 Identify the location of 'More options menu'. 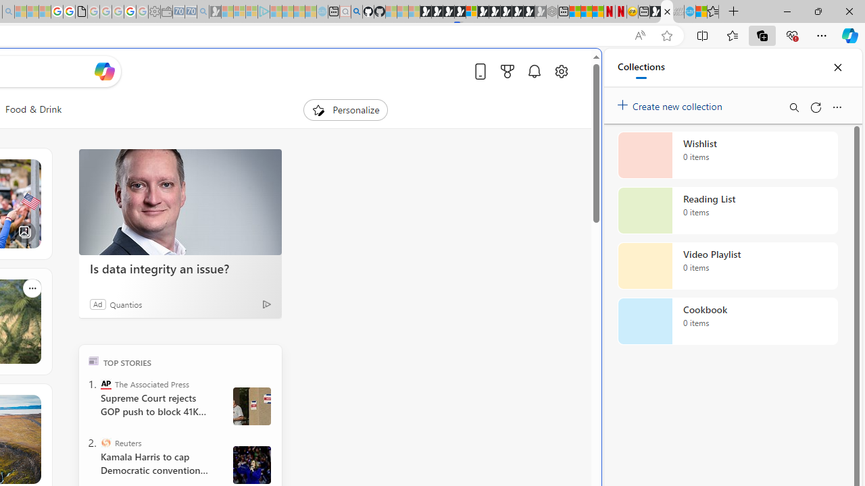
(836, 107).